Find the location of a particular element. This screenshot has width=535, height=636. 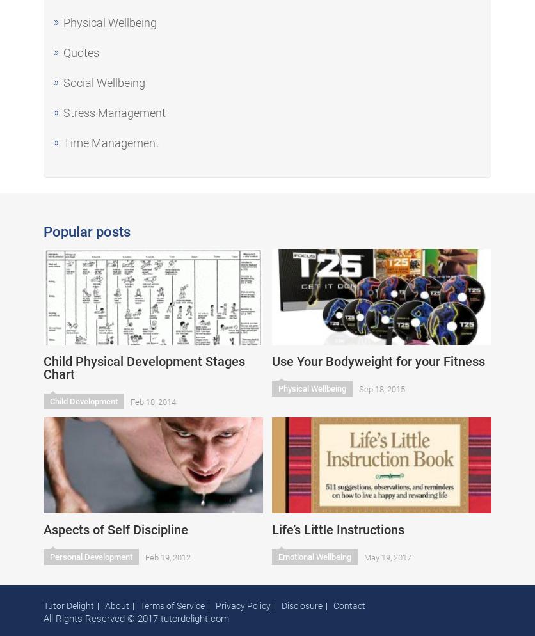

'Emotional Wellbeing' is located at coordinates (314, 557).